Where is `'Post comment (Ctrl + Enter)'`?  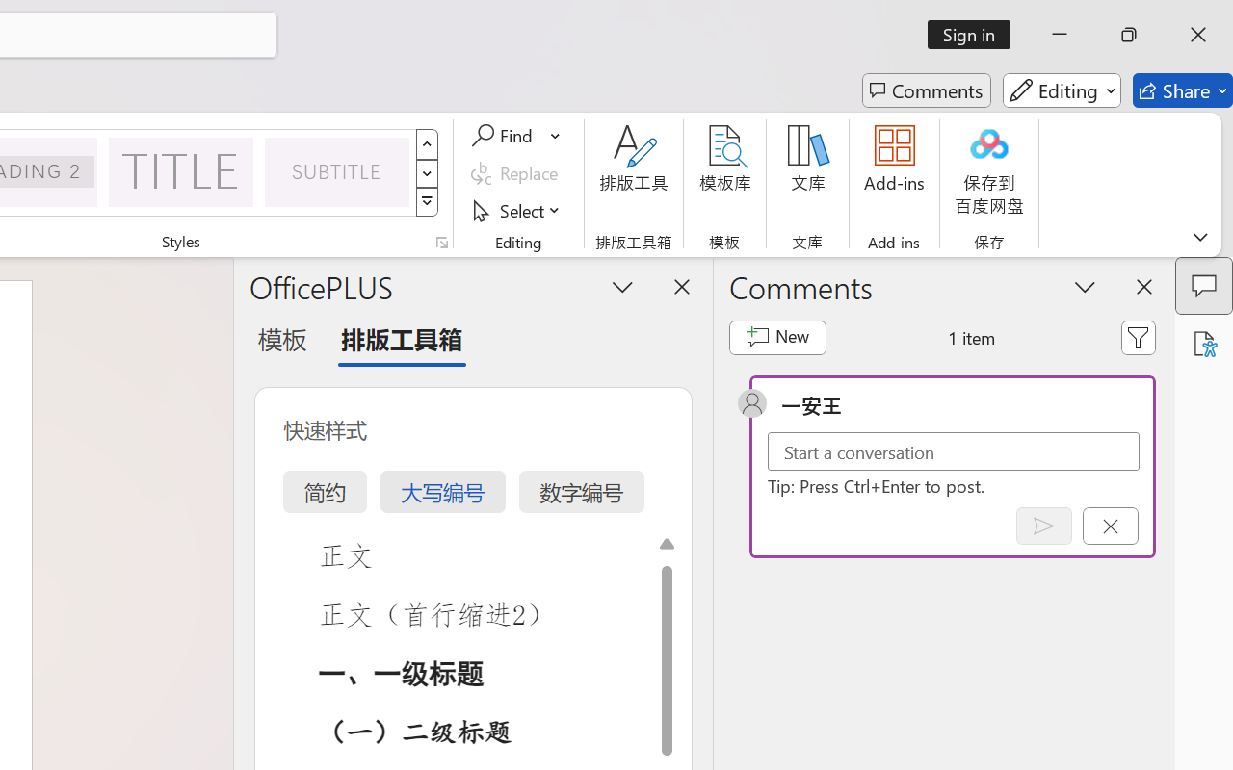 'Post comment (Ctrl + Enter)' is located at coordinates (1043, 526).